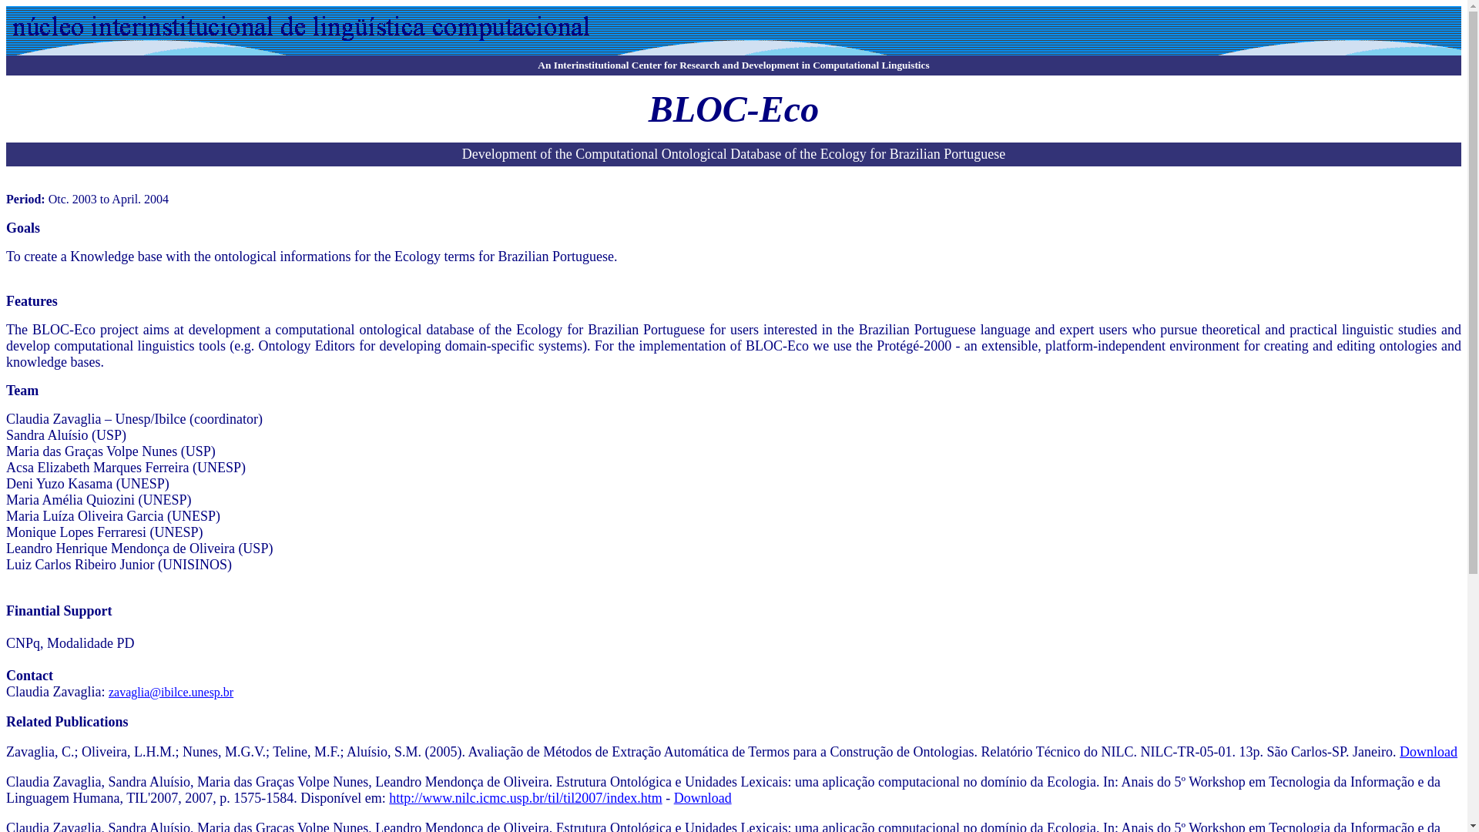  I want to click on 'zavaglia@ibilce.unesp.br', so click(170, 691).